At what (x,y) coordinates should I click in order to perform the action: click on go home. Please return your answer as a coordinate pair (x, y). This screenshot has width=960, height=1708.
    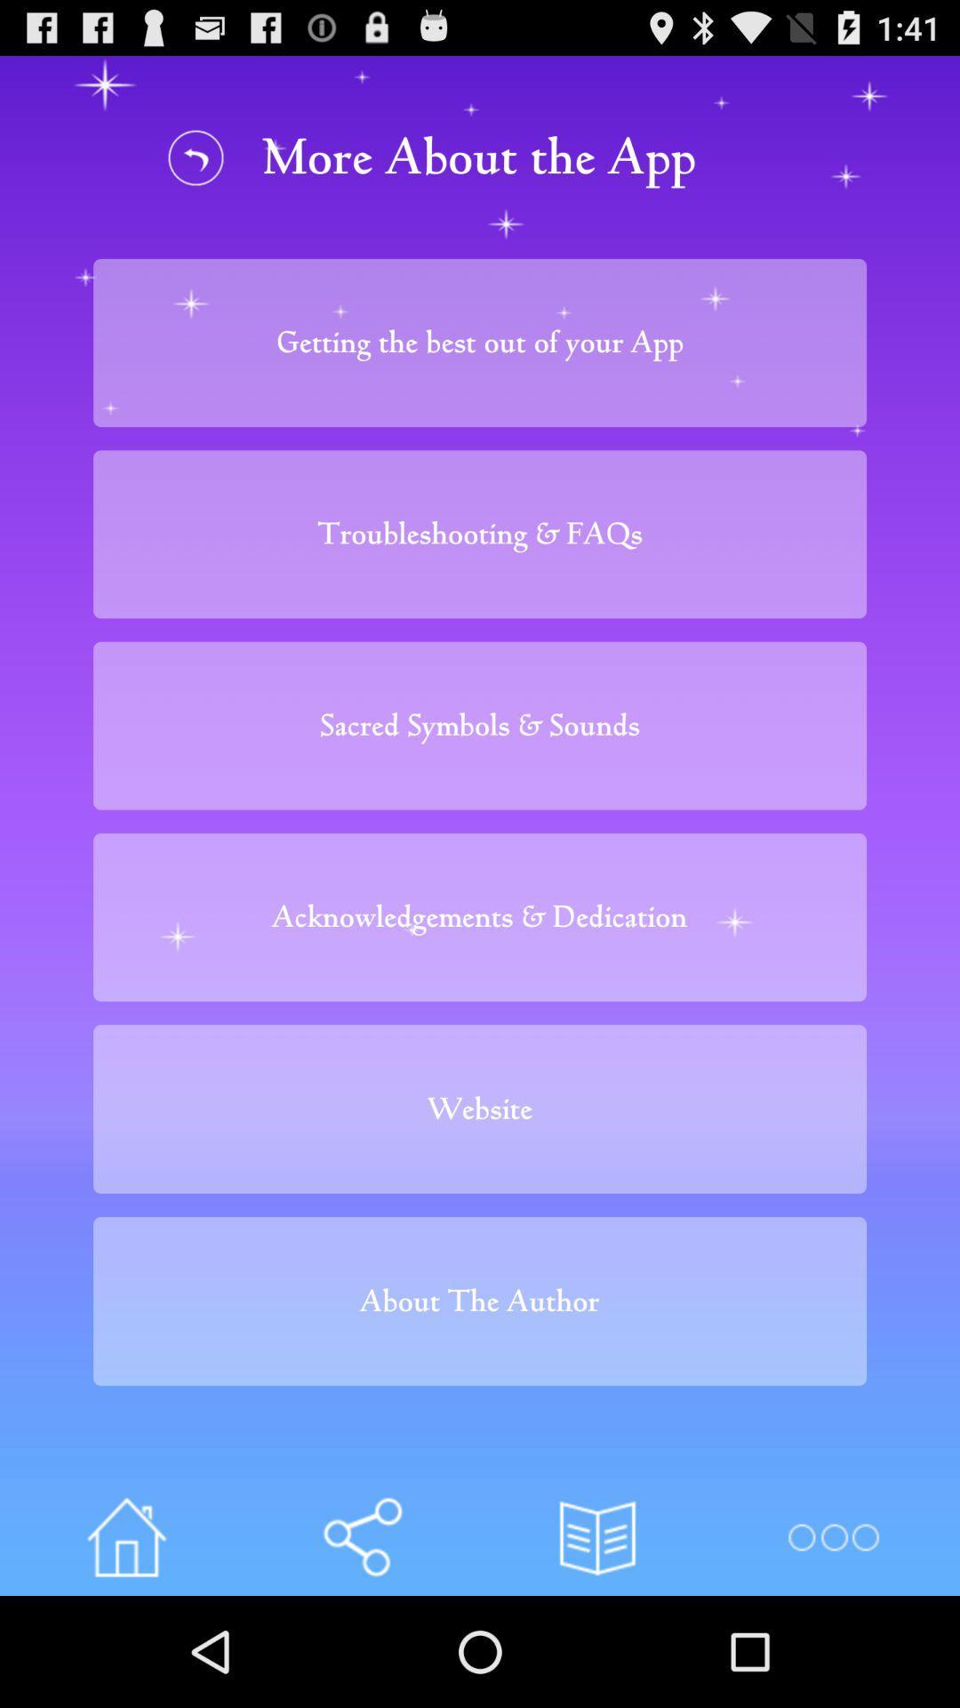
    Looking at the image, I should click on (125, 1536).